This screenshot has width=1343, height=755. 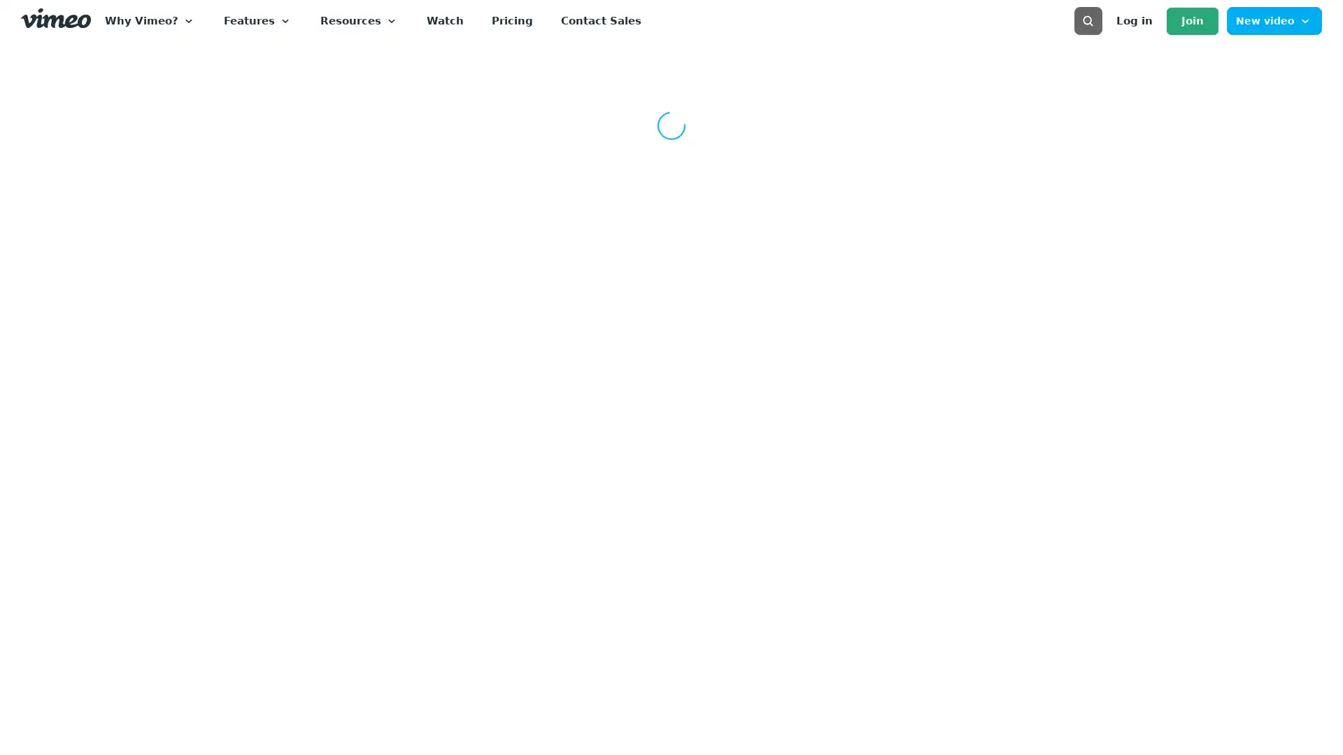 I want to click on New video, so click(x=1274, y=21).